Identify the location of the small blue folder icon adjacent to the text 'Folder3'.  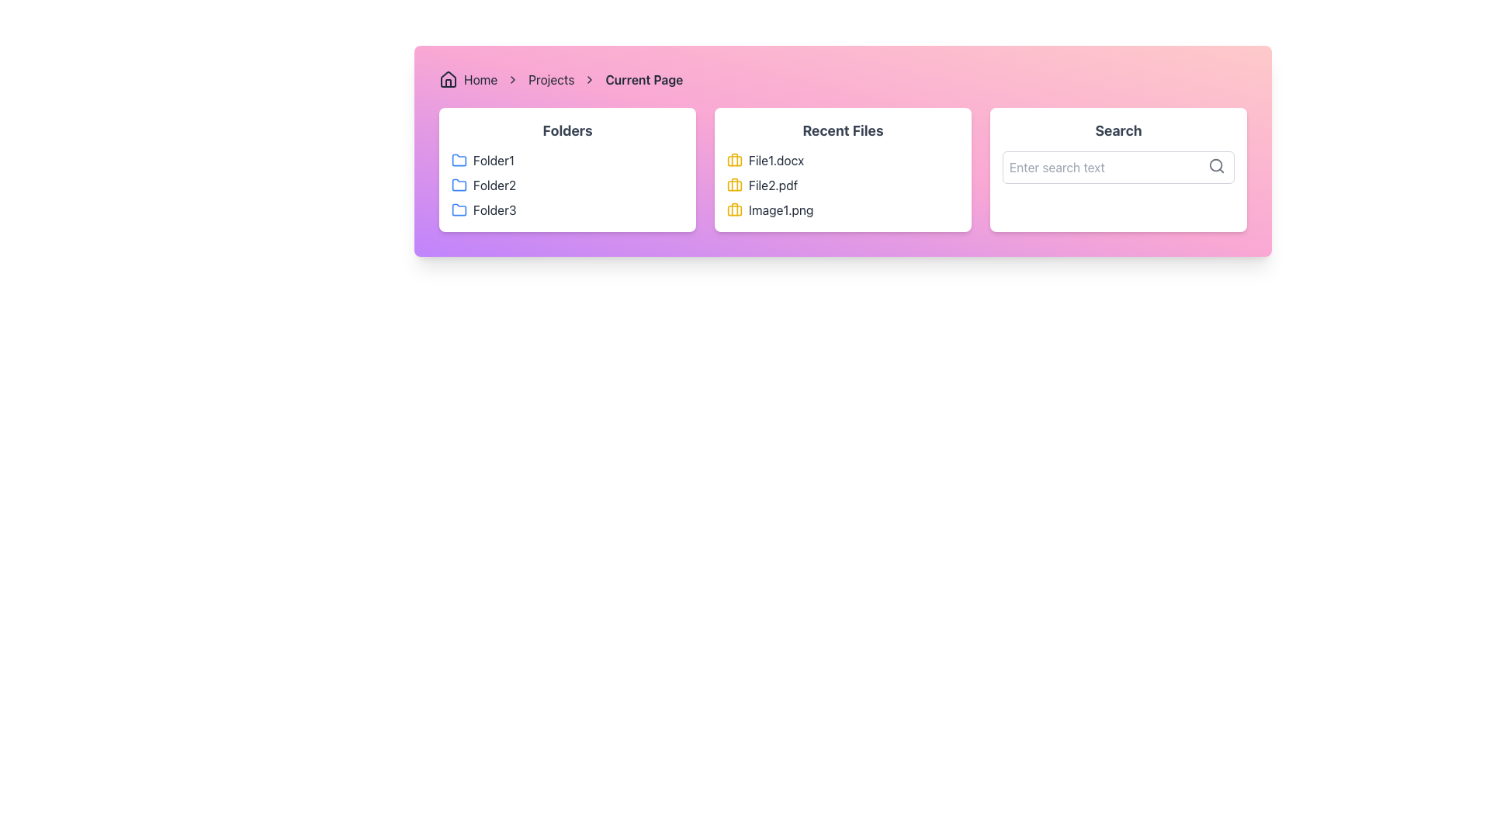
(458, 209).